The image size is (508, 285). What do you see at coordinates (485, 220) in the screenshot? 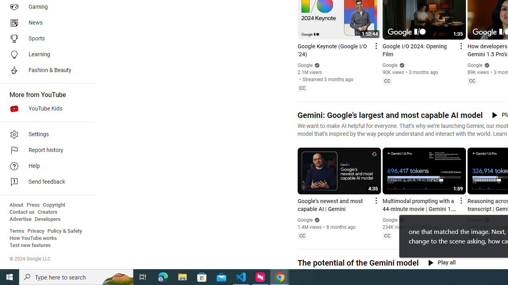
I see `'Verified'` at bounding box center [485, 220].